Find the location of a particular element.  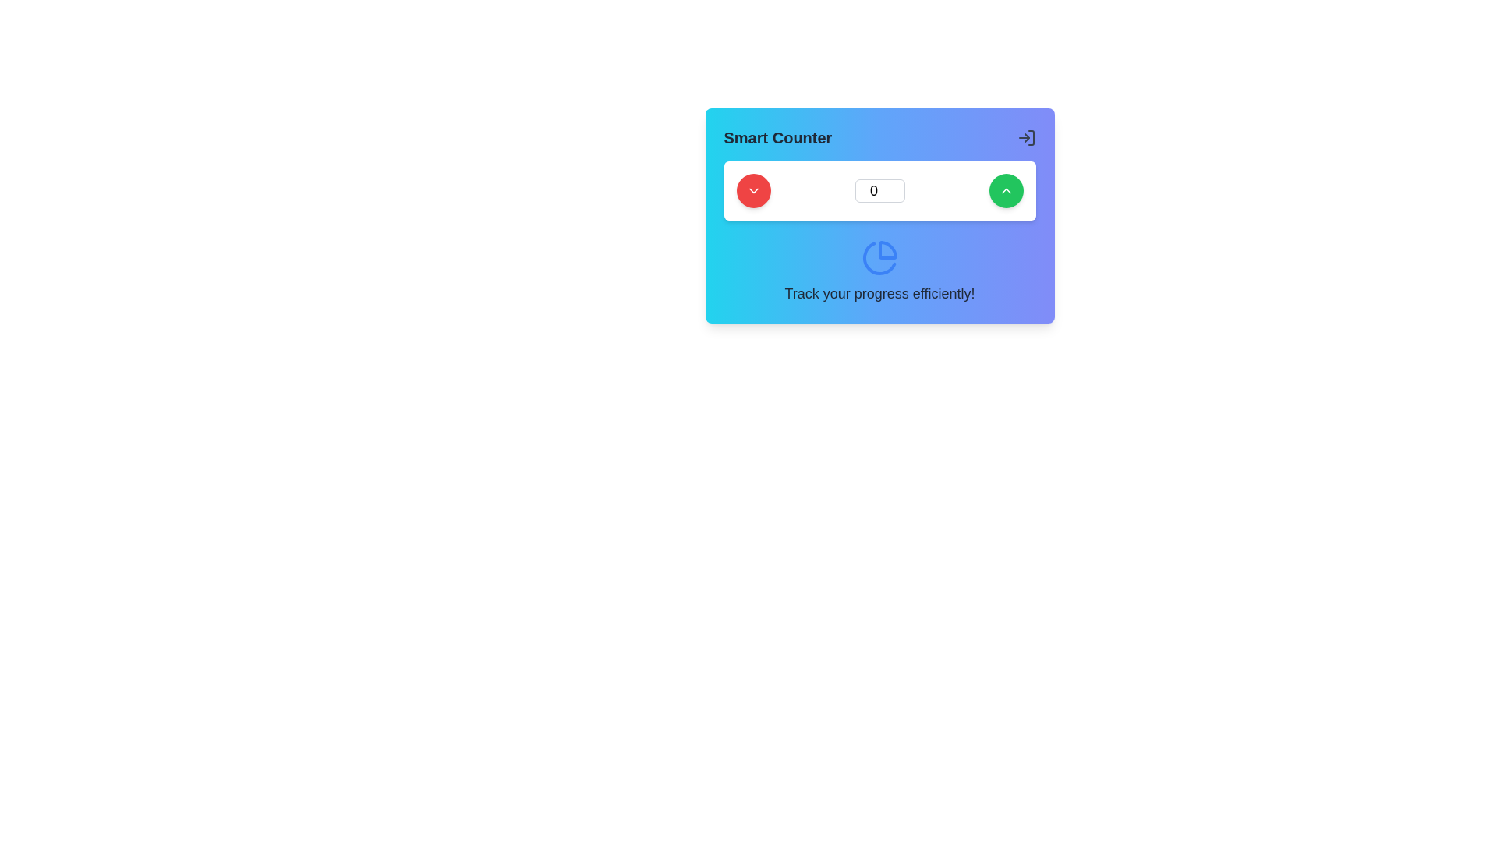

the decrement button is located at coordinates (753, 190).